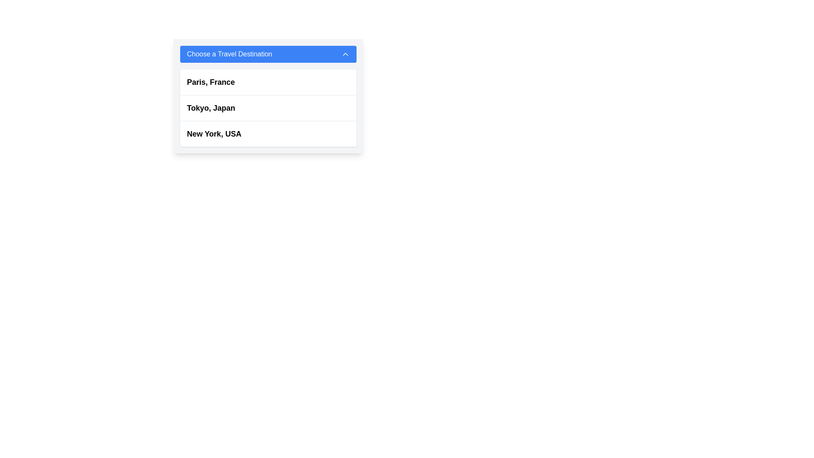  What do you see at coordinates (268, 54) in the screenshot?
I see `the dropdown button for selecting a travel destination` at bounding box center [268, 54].